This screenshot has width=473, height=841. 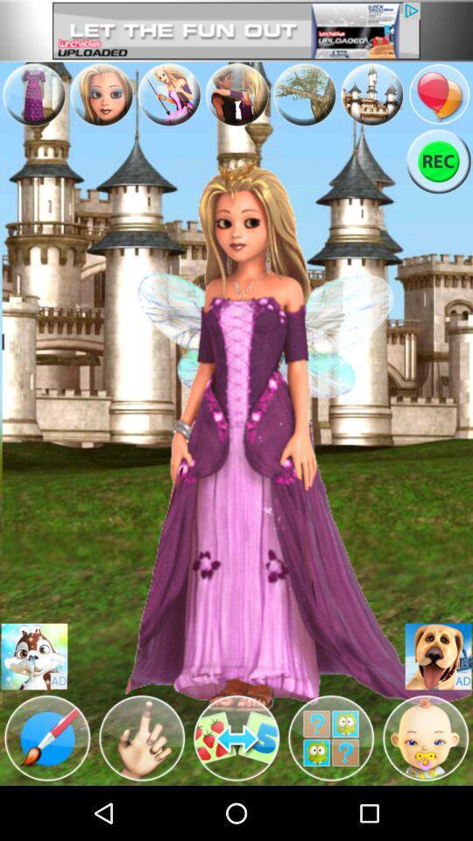 I want to click on avertisement, so click(x=236, y=95).